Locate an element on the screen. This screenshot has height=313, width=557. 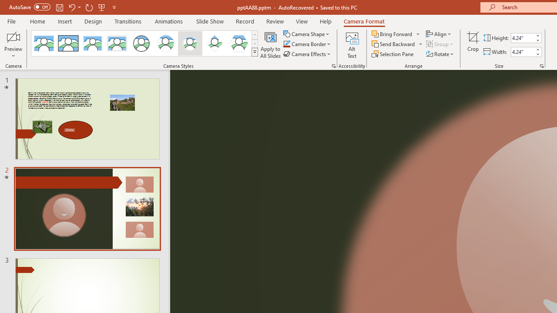
'Save' is located at coordinates (59, 7).